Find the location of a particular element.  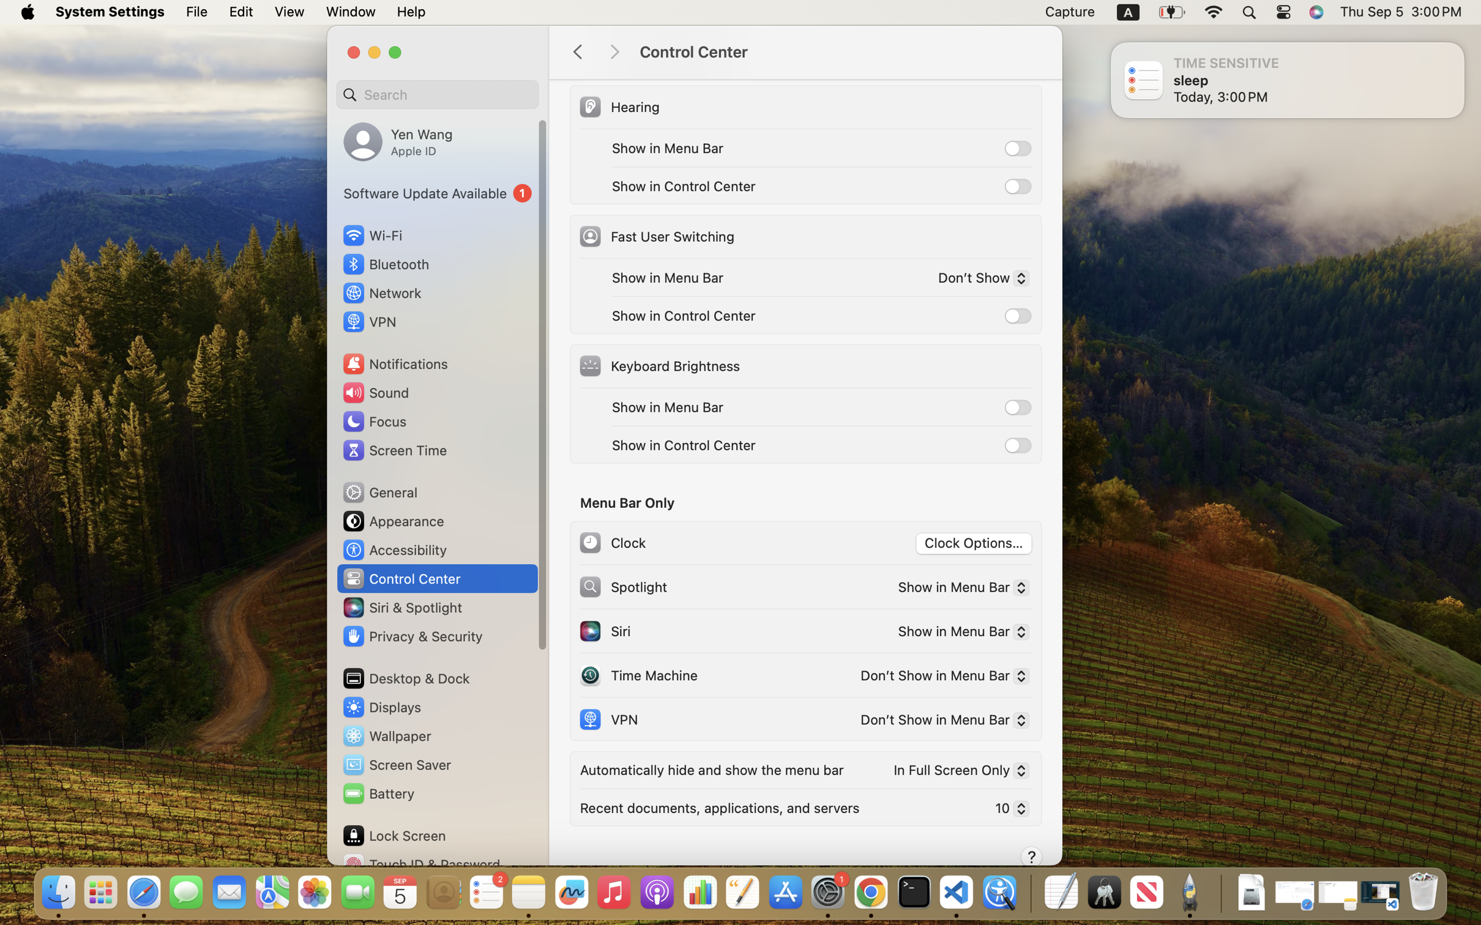

'Lock Screen' is located at coordinates (394, 834).